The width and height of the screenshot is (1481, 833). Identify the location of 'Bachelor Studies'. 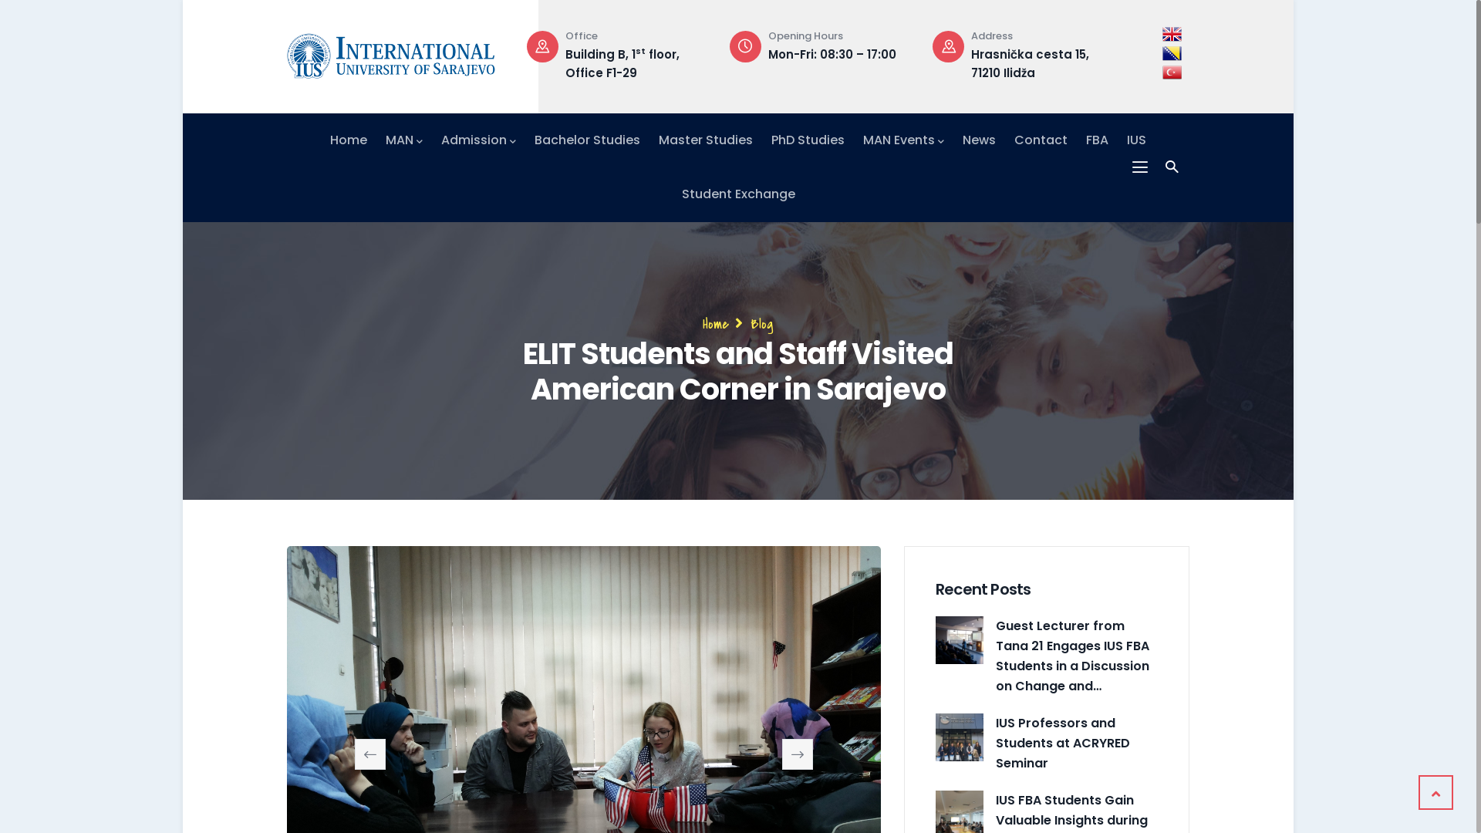
(586, 140).